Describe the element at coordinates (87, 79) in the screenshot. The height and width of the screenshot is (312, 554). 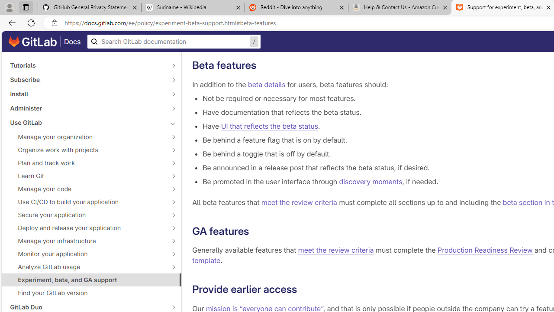
I see `'Subscribe'` at that location.